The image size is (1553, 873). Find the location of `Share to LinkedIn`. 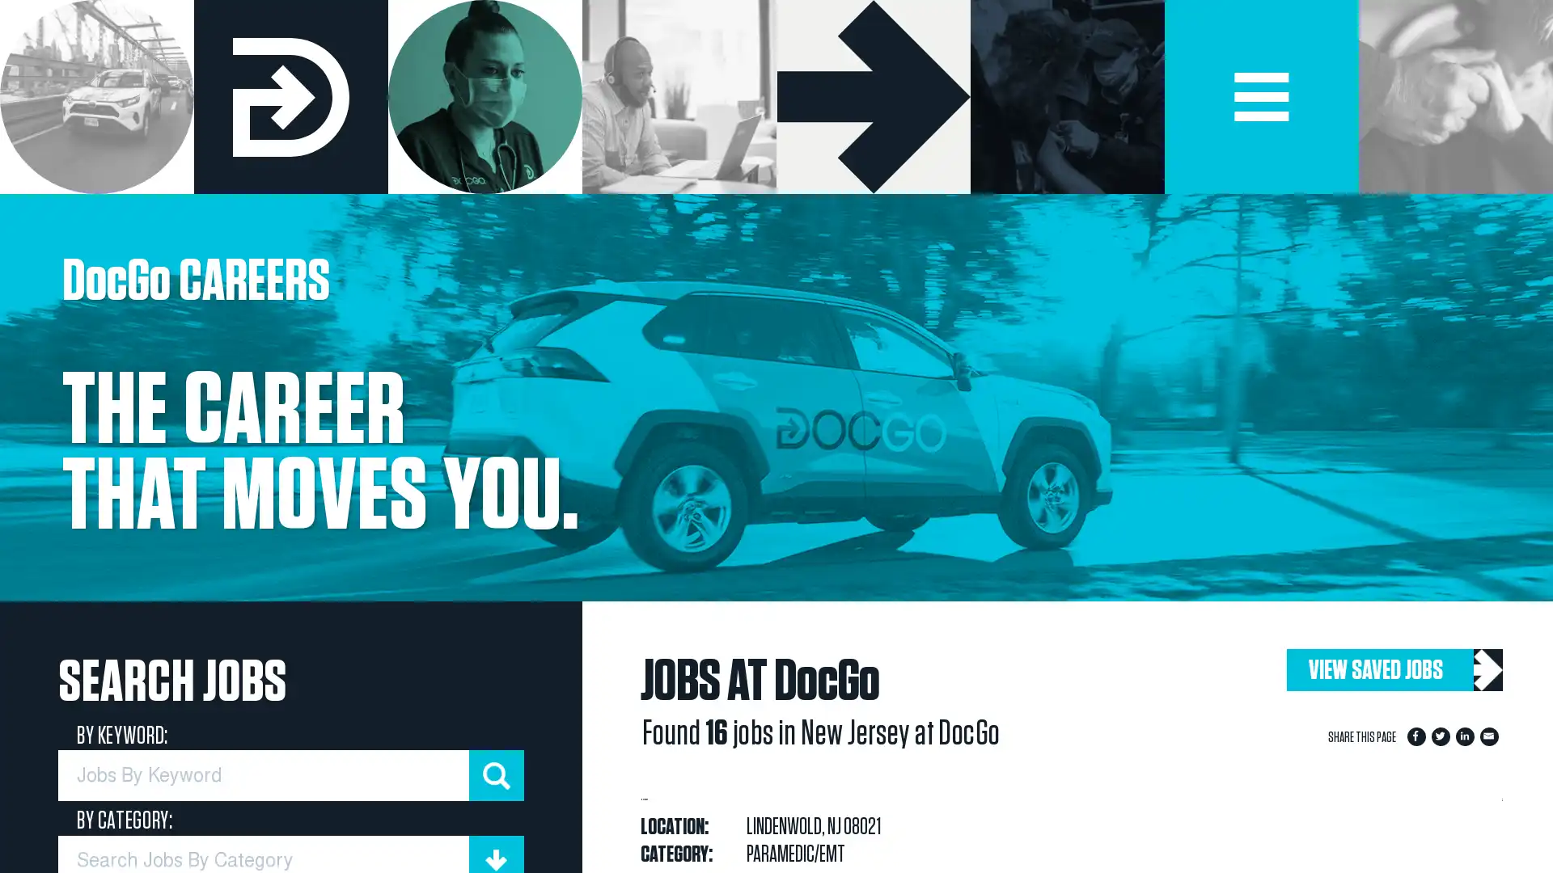

Share to LinkedIn is located at coordinates (1469, 736).